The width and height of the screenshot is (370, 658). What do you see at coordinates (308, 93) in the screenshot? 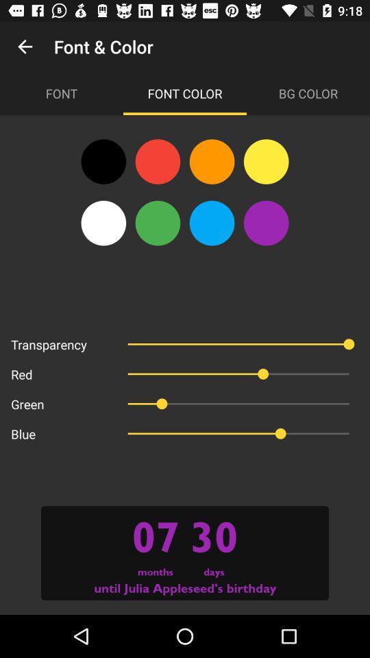
I see `the bg color` at bounding box center [308, 93].